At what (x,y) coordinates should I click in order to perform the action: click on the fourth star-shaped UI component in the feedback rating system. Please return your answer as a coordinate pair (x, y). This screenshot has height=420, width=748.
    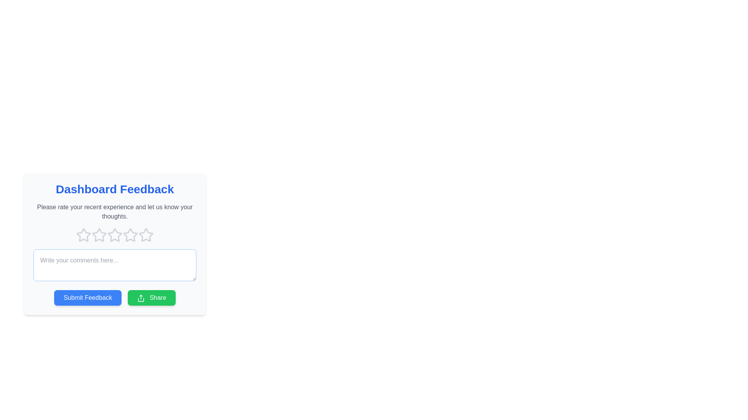
    Looking at the image, I should click on (114, 235).